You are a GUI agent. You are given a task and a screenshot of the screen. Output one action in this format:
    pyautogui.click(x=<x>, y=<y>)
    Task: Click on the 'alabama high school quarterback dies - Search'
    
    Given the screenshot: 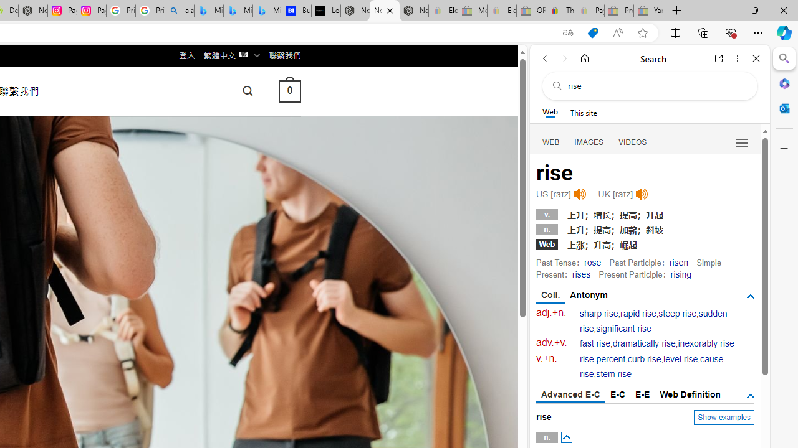 What is the action you would take?
    pyautogui.click(x=179, y=11)
    